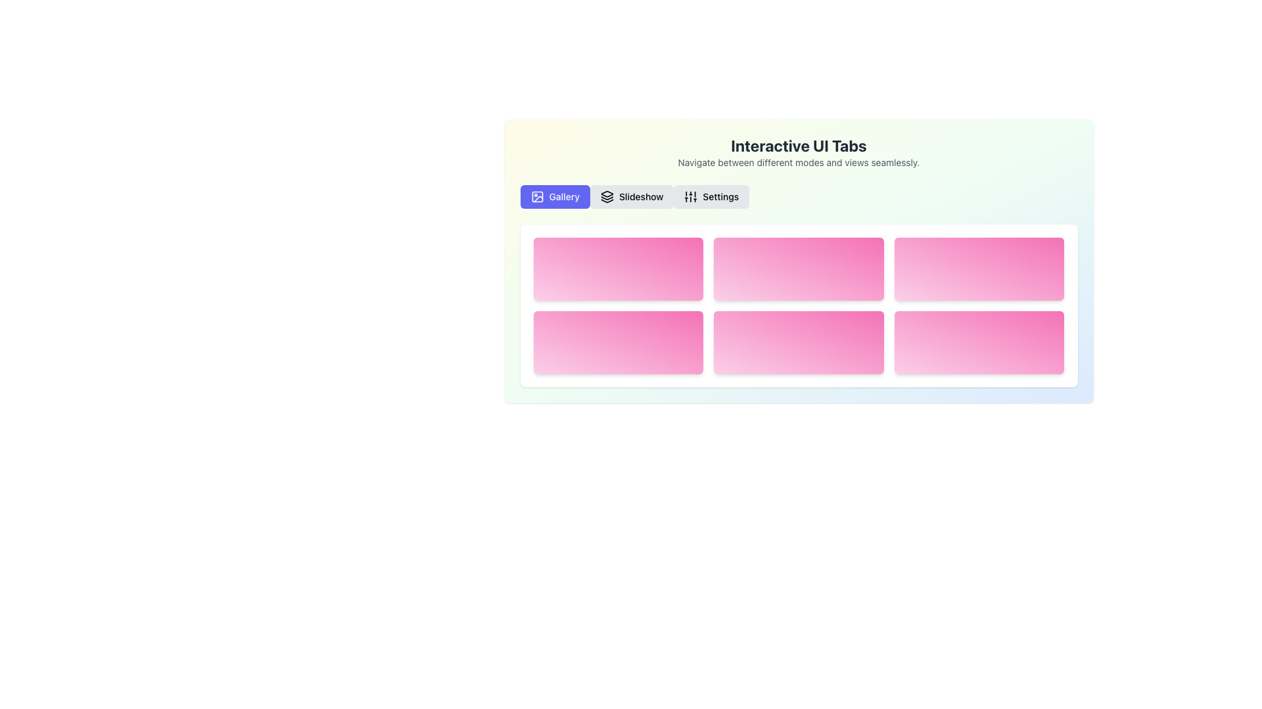 This screenshot has height=709, width=1262. What do you see at coordinates (617, 268) in the screenshot?
I see `the first card in the grid layout, which has a gradient background from light pink to darker pink, rounded corners, and a shadow effect` at bounding box center [617, 268].